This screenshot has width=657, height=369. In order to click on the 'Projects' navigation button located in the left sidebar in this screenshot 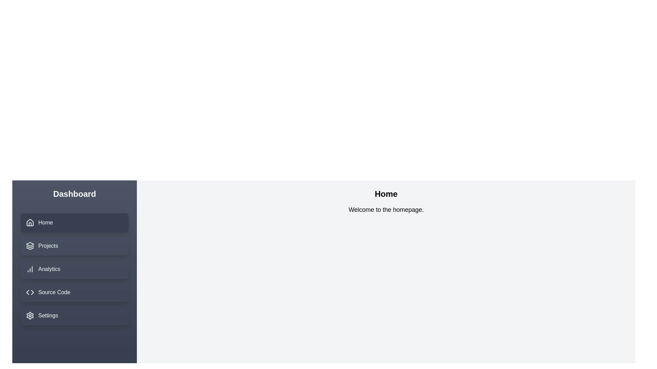, I will do `click(75, 246)`.